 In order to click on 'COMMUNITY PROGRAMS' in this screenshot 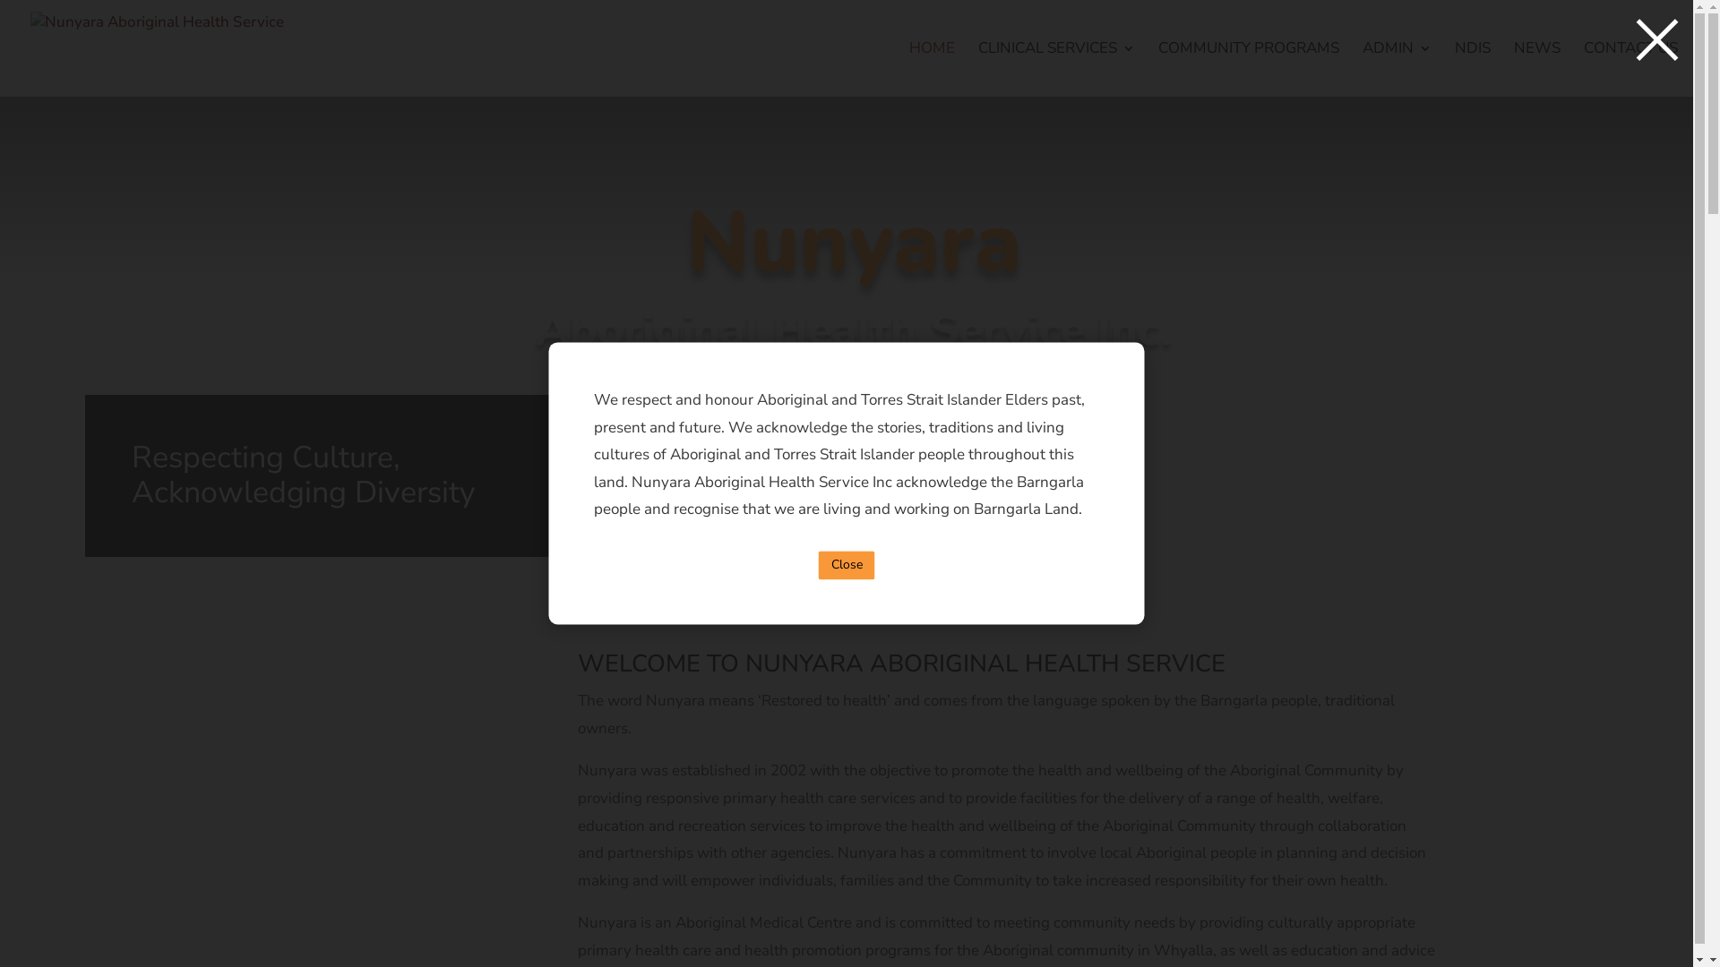, I will do `click(1247, 68)`.